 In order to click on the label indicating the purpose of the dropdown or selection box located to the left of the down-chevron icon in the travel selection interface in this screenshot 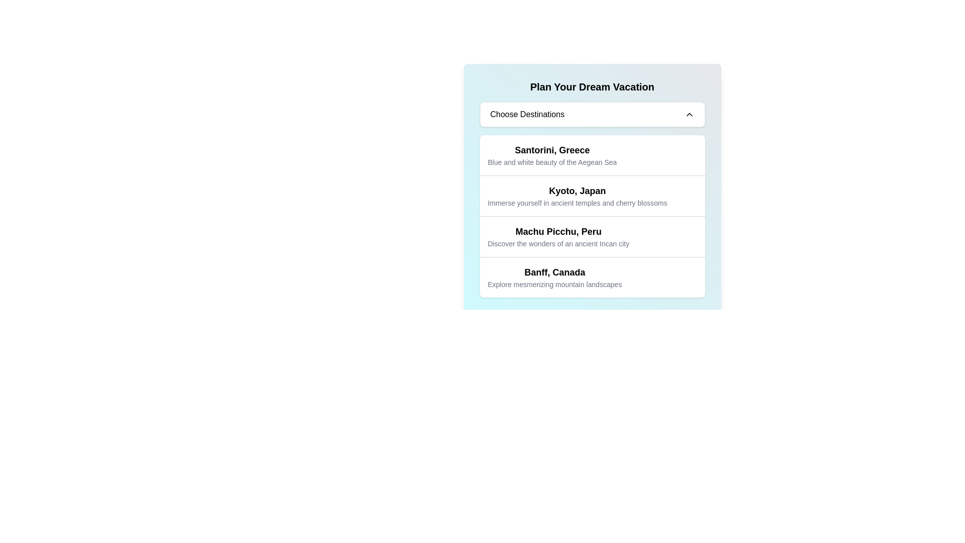, I will do `click(527, 114)`.